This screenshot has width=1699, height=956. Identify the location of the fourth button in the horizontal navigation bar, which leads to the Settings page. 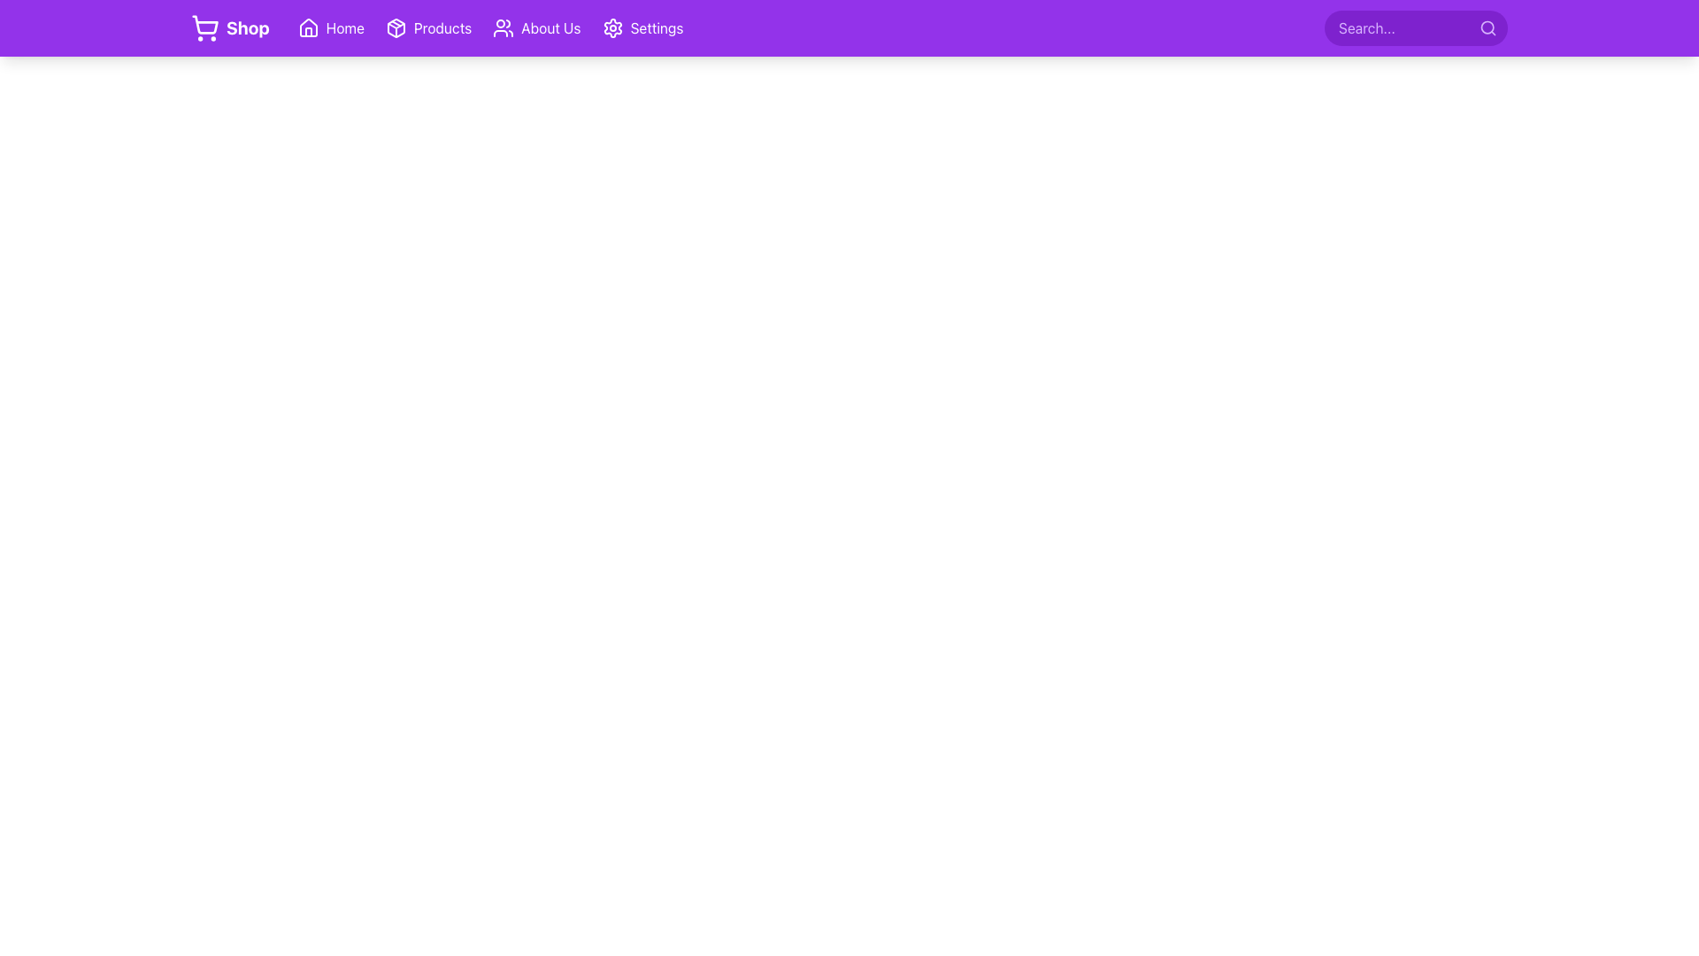
(642, 27).